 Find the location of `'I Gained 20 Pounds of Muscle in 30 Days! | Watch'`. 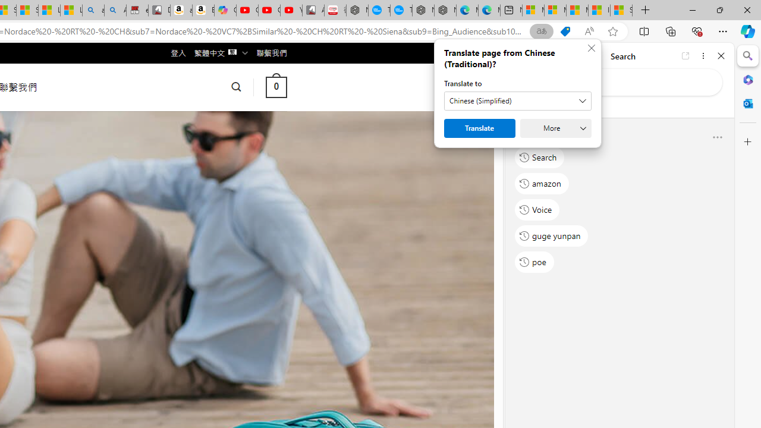

'I Gained 20 Pounds of Muscle in 30 Days! | Watch' is located at coordinates (599, 10).